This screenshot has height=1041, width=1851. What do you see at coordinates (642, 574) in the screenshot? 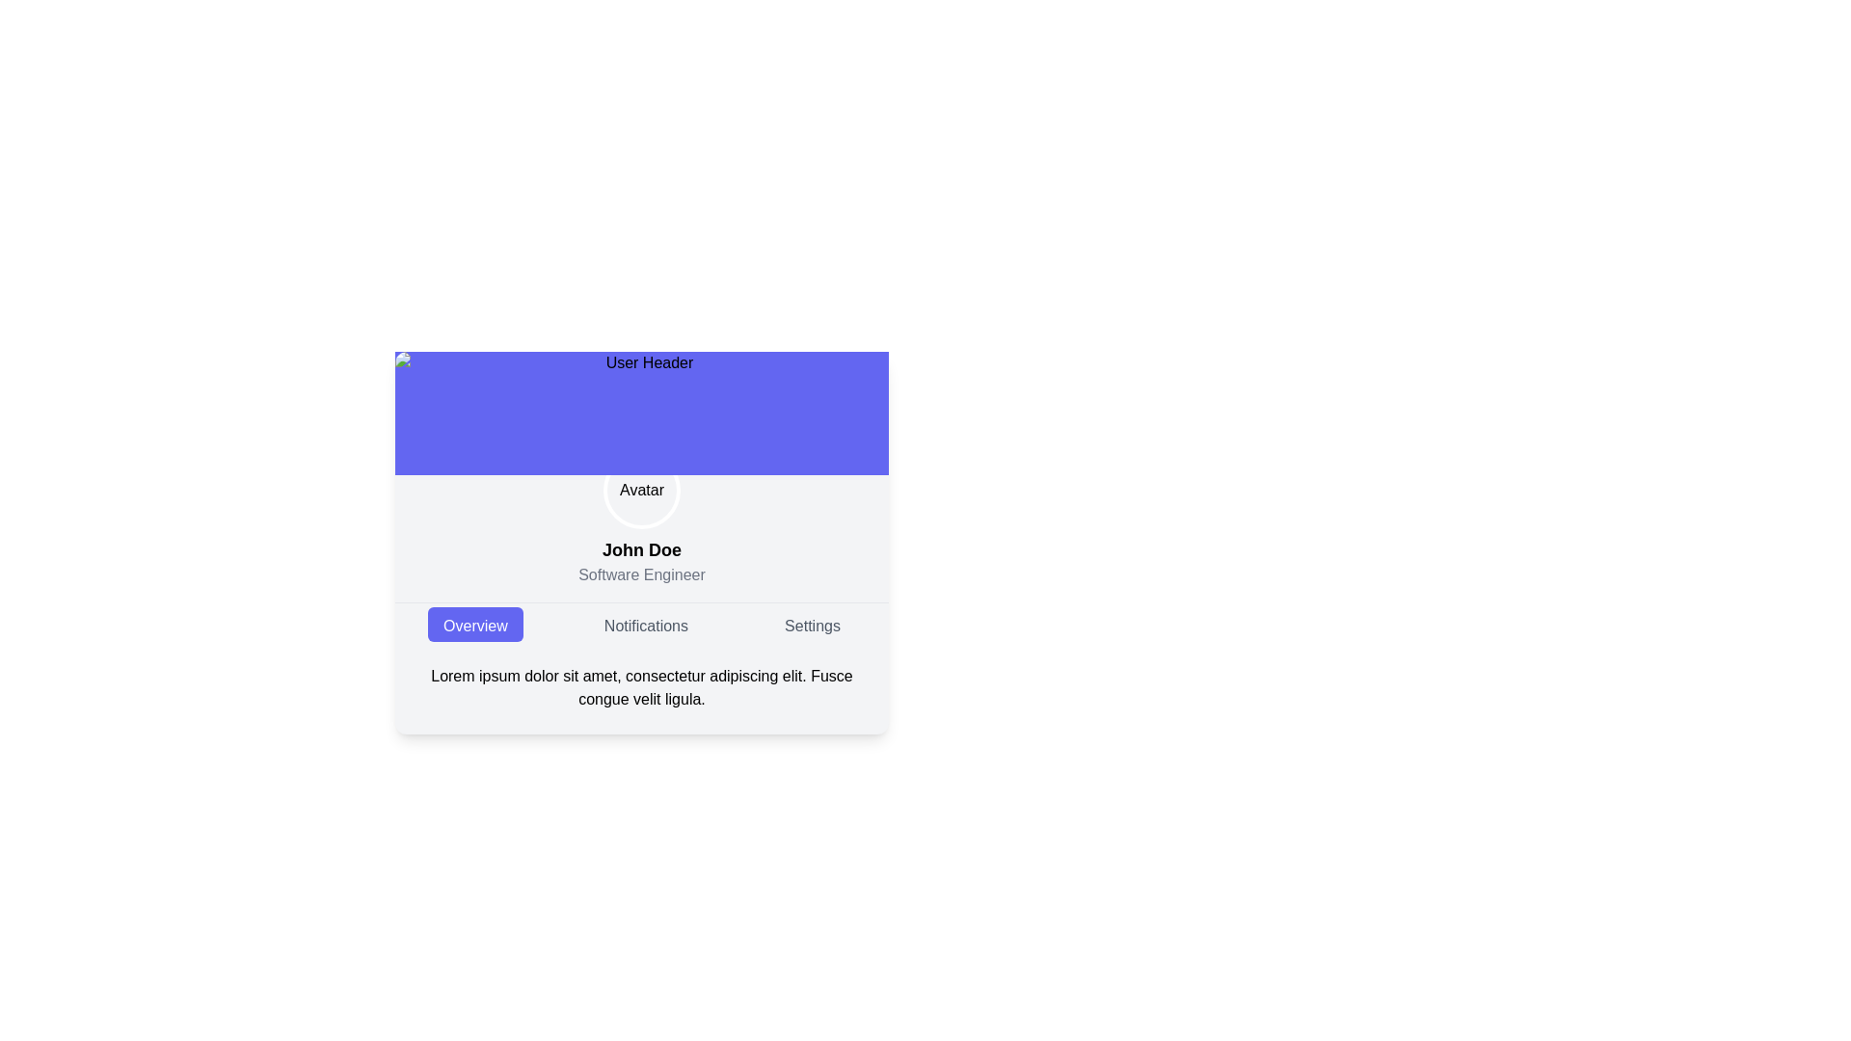
I see `the static text label displaying the role or designation associated with 'John Doe', which is positioned directly beneath the name and above the interactive tabs` at bounding box center [642, 574].